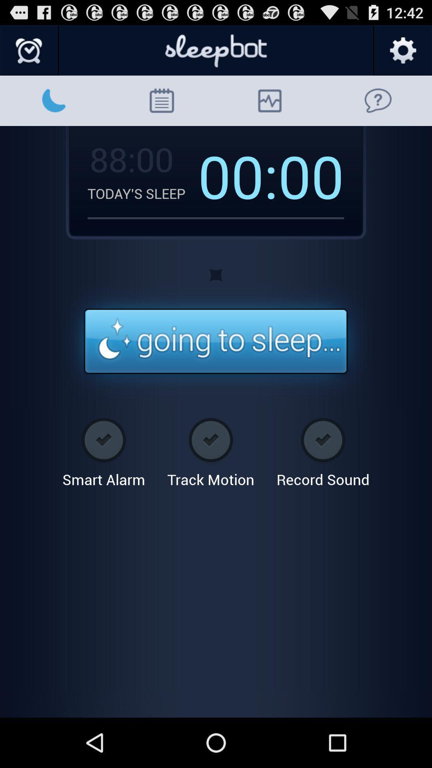 Image resolution: width=432 pixels, height=768 pixels. What do you see at coordinates (238, 175) in the screenshot?
I see `app to the right of today's sleep app` at bounding box center [238, 175].